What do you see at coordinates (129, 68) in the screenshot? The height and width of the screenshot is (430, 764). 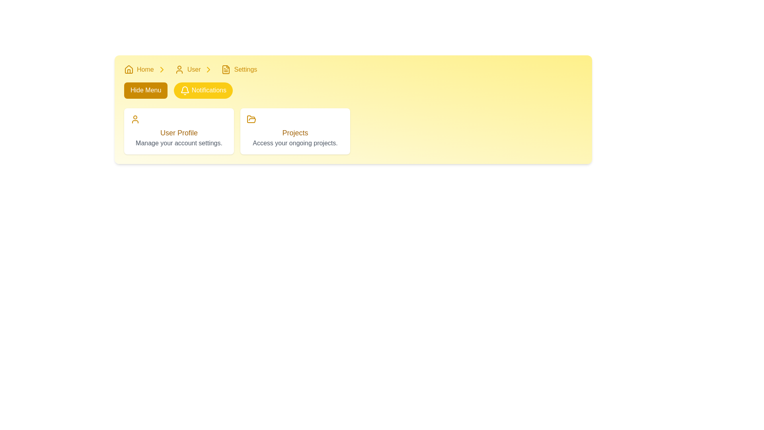 I see `the 'Home' icon located at the beginning of the breadcrumb navigation bar for navigation purposes` at bounding box center [129, 68].